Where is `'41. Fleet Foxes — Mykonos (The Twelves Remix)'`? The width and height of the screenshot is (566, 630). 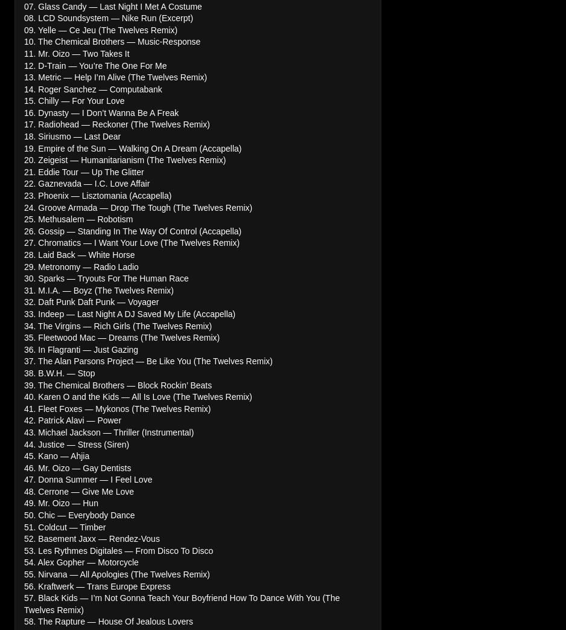
'41. Fleet Foxes — Mykonos (The Twelves Remix)' is located at coordinates (23, 408).